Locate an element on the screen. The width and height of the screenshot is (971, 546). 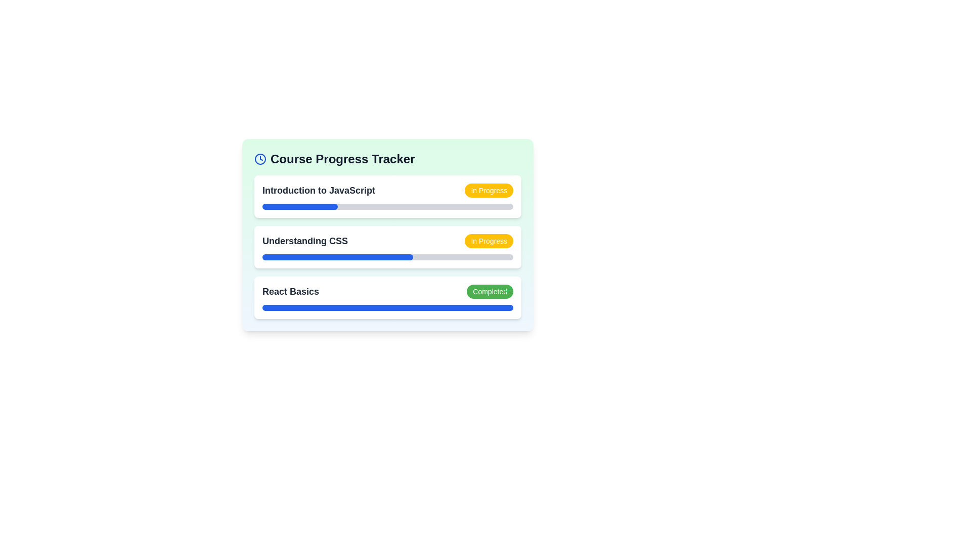
the completion status icon for the 'React Basics' course, which is located at the top right corner of the green badge labeled 'Completed' within the course tracker card is located at coordinates (508, 290).